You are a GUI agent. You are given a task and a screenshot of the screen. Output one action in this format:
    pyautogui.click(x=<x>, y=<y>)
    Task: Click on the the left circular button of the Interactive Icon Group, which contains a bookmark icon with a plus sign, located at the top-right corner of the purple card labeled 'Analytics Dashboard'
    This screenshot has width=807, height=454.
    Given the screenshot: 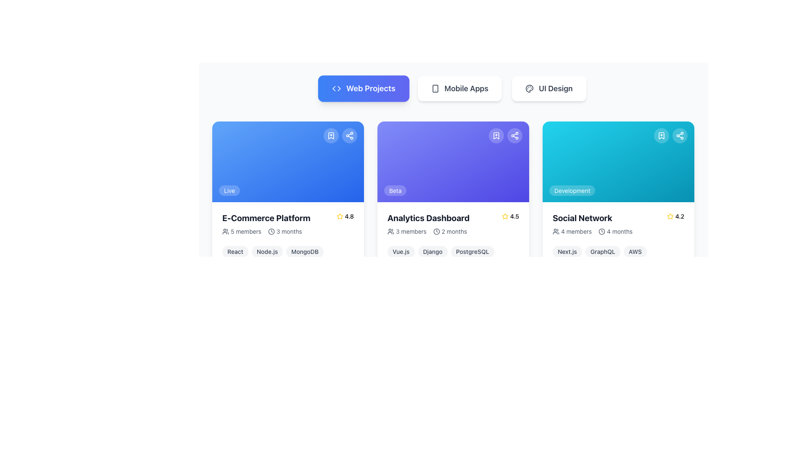 What is the action you would take?
    pyautogui.click(x=505, y=135)
    